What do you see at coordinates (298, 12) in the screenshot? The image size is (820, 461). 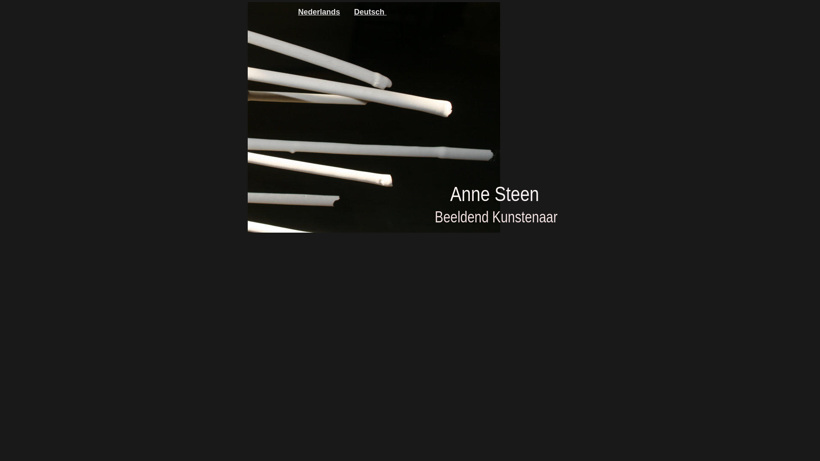 I see `'Nederlands'` at bounding box center [298, 12].